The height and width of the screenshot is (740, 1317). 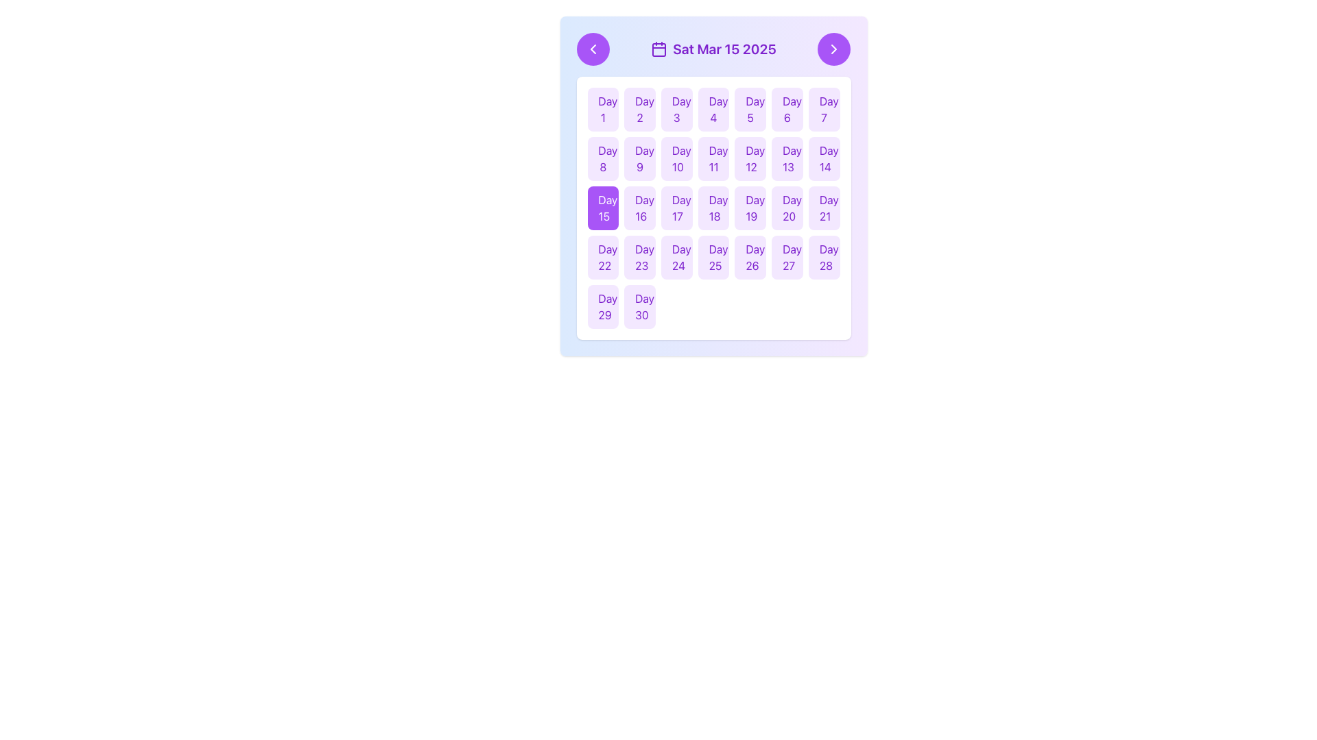 I want to click on the button representing the specific day in the calendar interface located in the second row and third column, so click(x=676, y=158).